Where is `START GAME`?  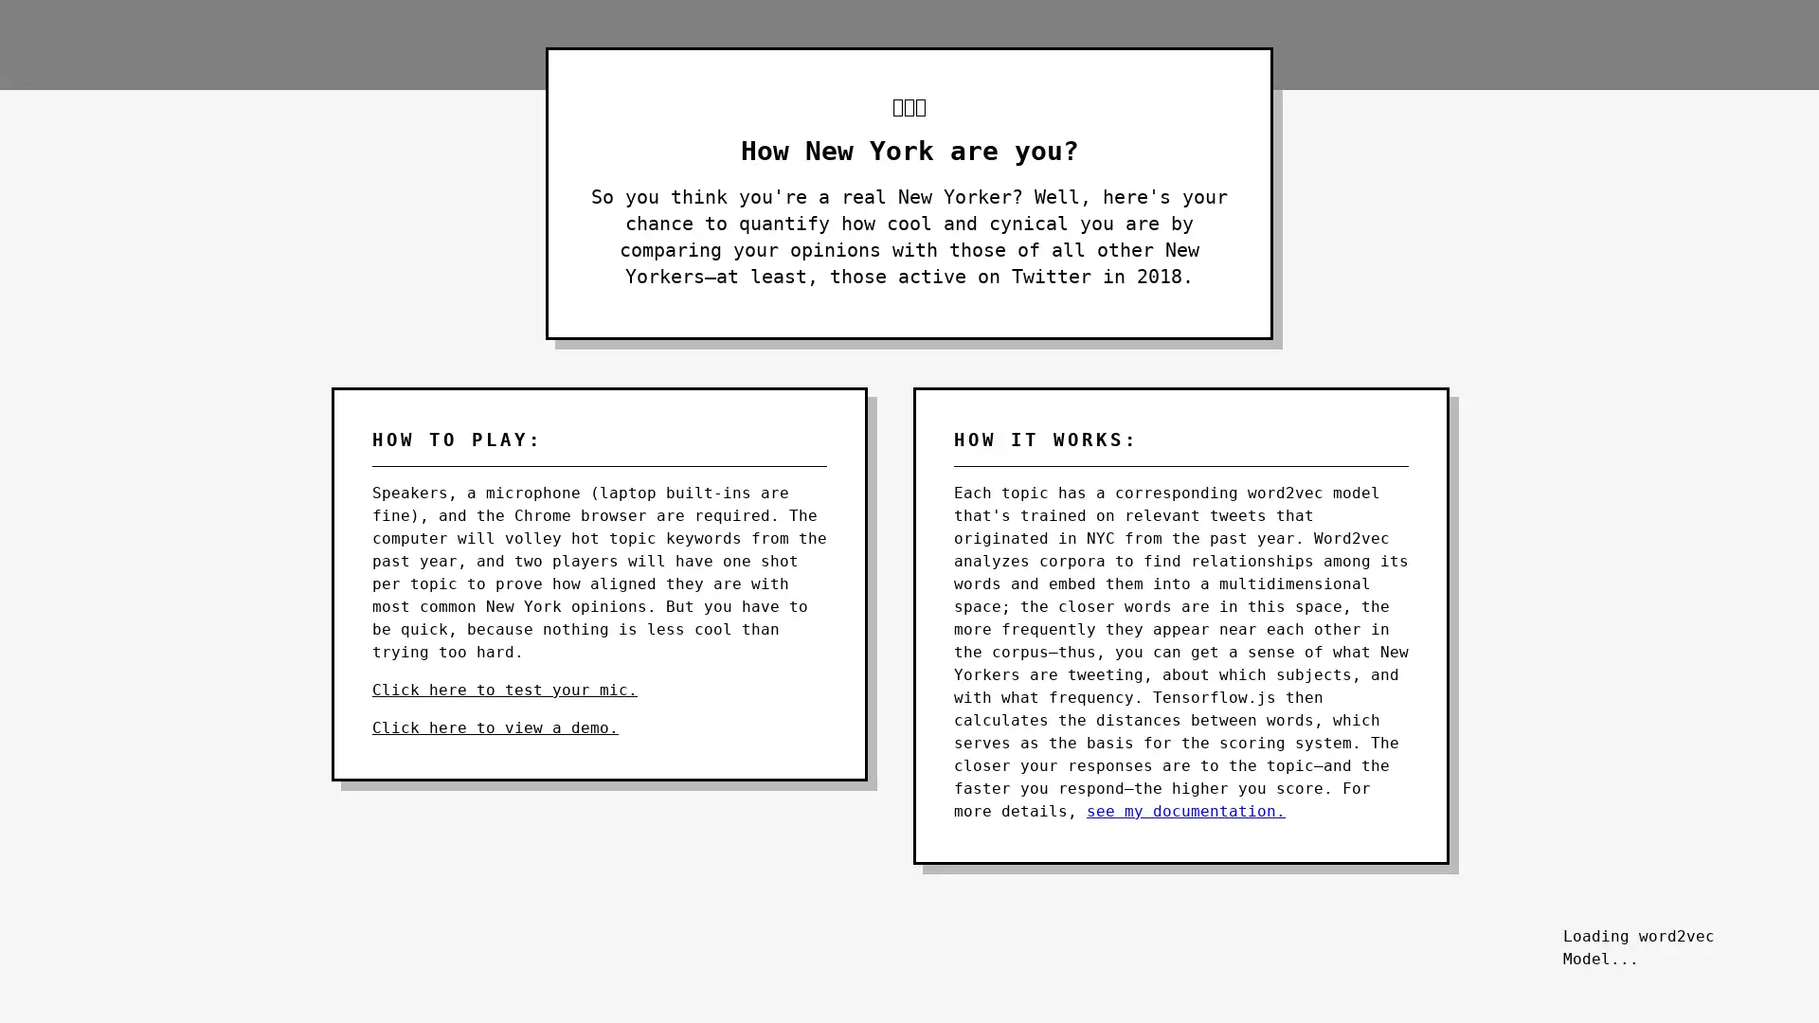 START GAME is located at coordinates (1667, 923).